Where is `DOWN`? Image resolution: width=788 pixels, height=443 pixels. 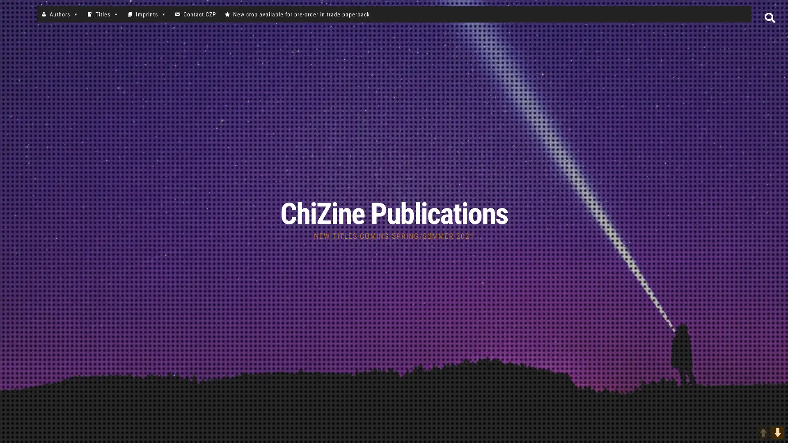 DOWN is located at coordinates (777, 432).